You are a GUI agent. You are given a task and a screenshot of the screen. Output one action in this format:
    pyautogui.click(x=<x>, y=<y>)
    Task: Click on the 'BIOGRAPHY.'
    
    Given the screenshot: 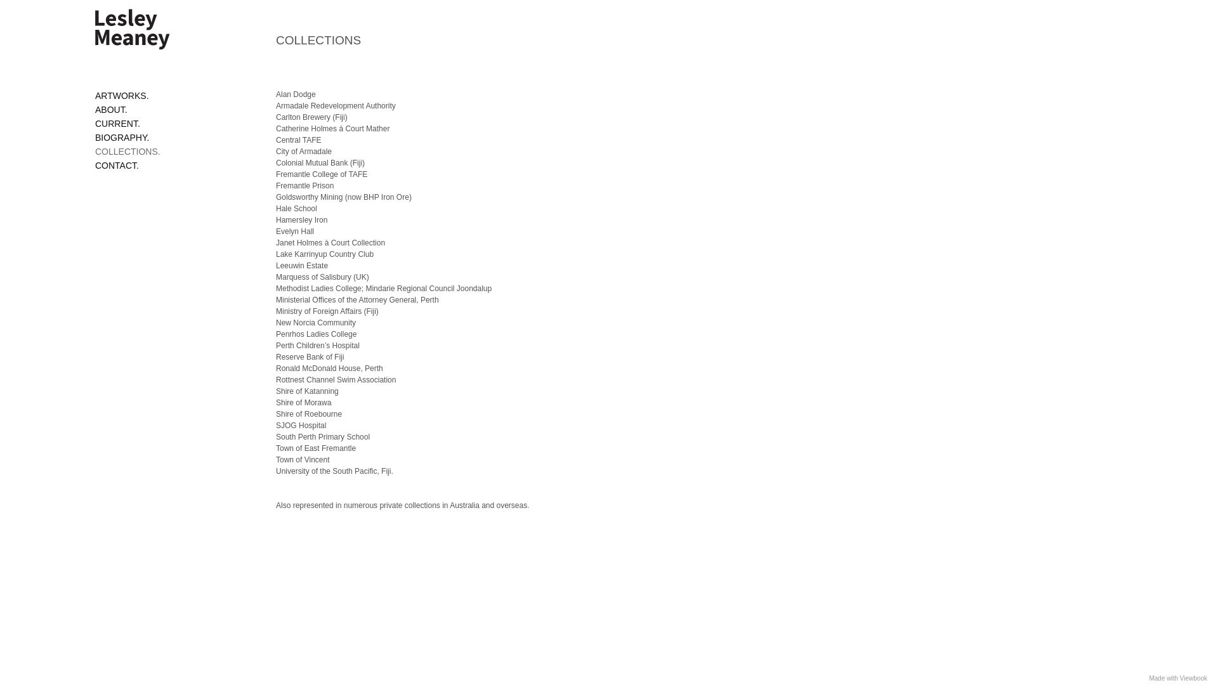 What is the action you would take?
    pyautogui.click(x=122, y=137)
    